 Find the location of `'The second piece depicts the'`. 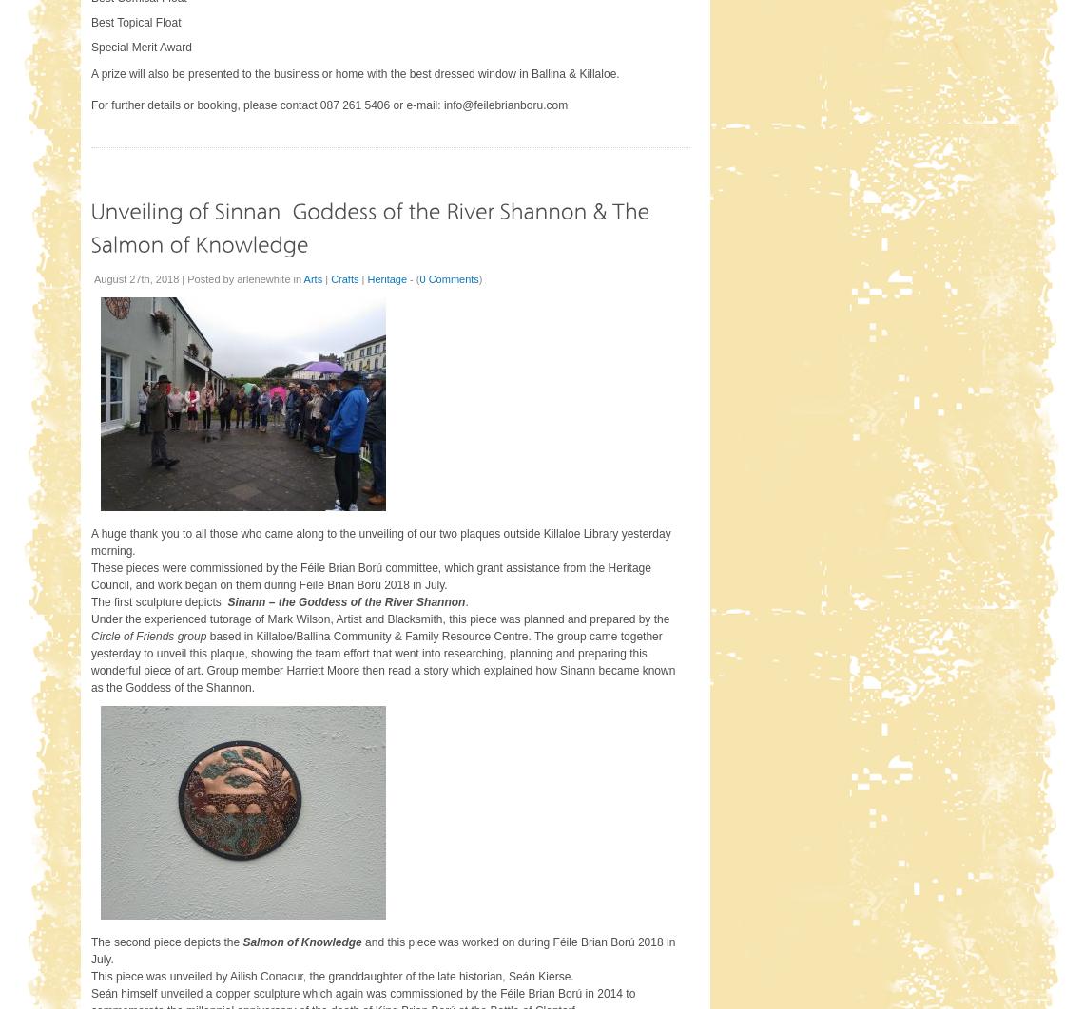

'The second piece depicts the' is located at coordinates (89, 940).